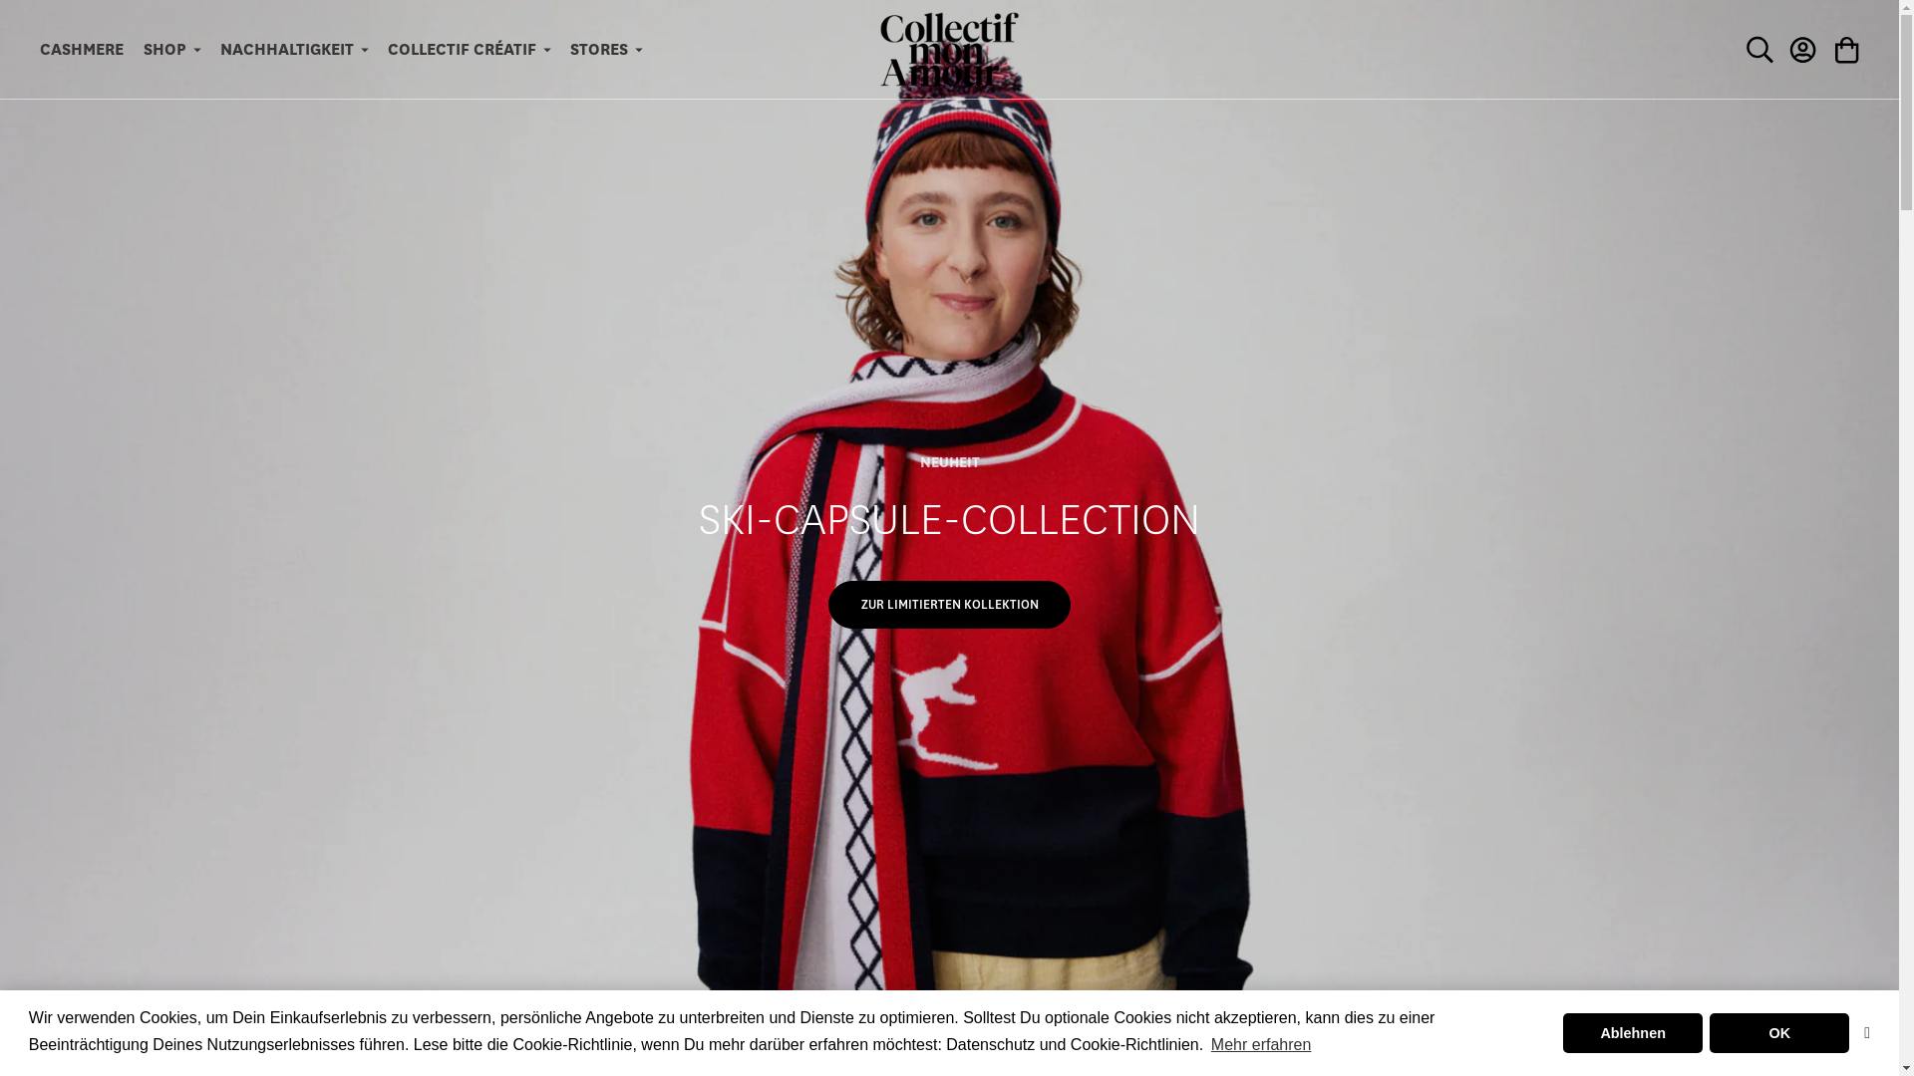 Image resolution: width=1914 pixels, height=1076 pixels. Describe the element at coordinates (605, 49) in the screenshot. I see `'STORES'` at that location.